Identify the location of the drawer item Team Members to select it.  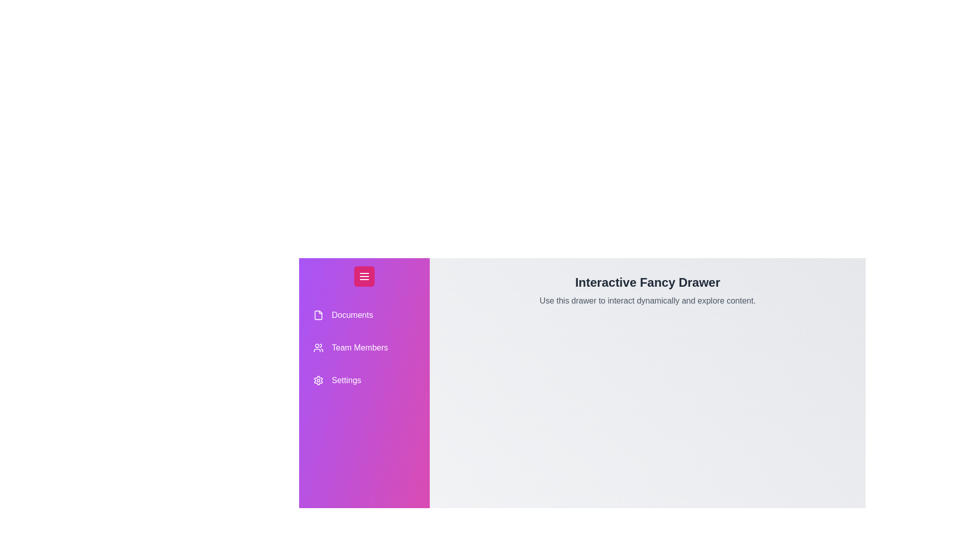
(364, 347).